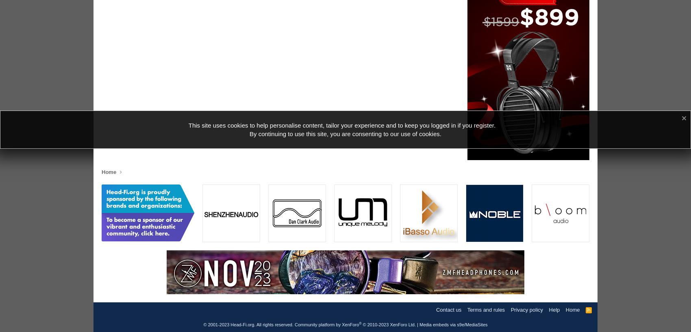 This screenshot has width=691, height=332. Describe the element at coordinates (345, 133) in the screenshot. I see `'By continuing to use this site, you are consenting to our use of cookies.'` at that location.